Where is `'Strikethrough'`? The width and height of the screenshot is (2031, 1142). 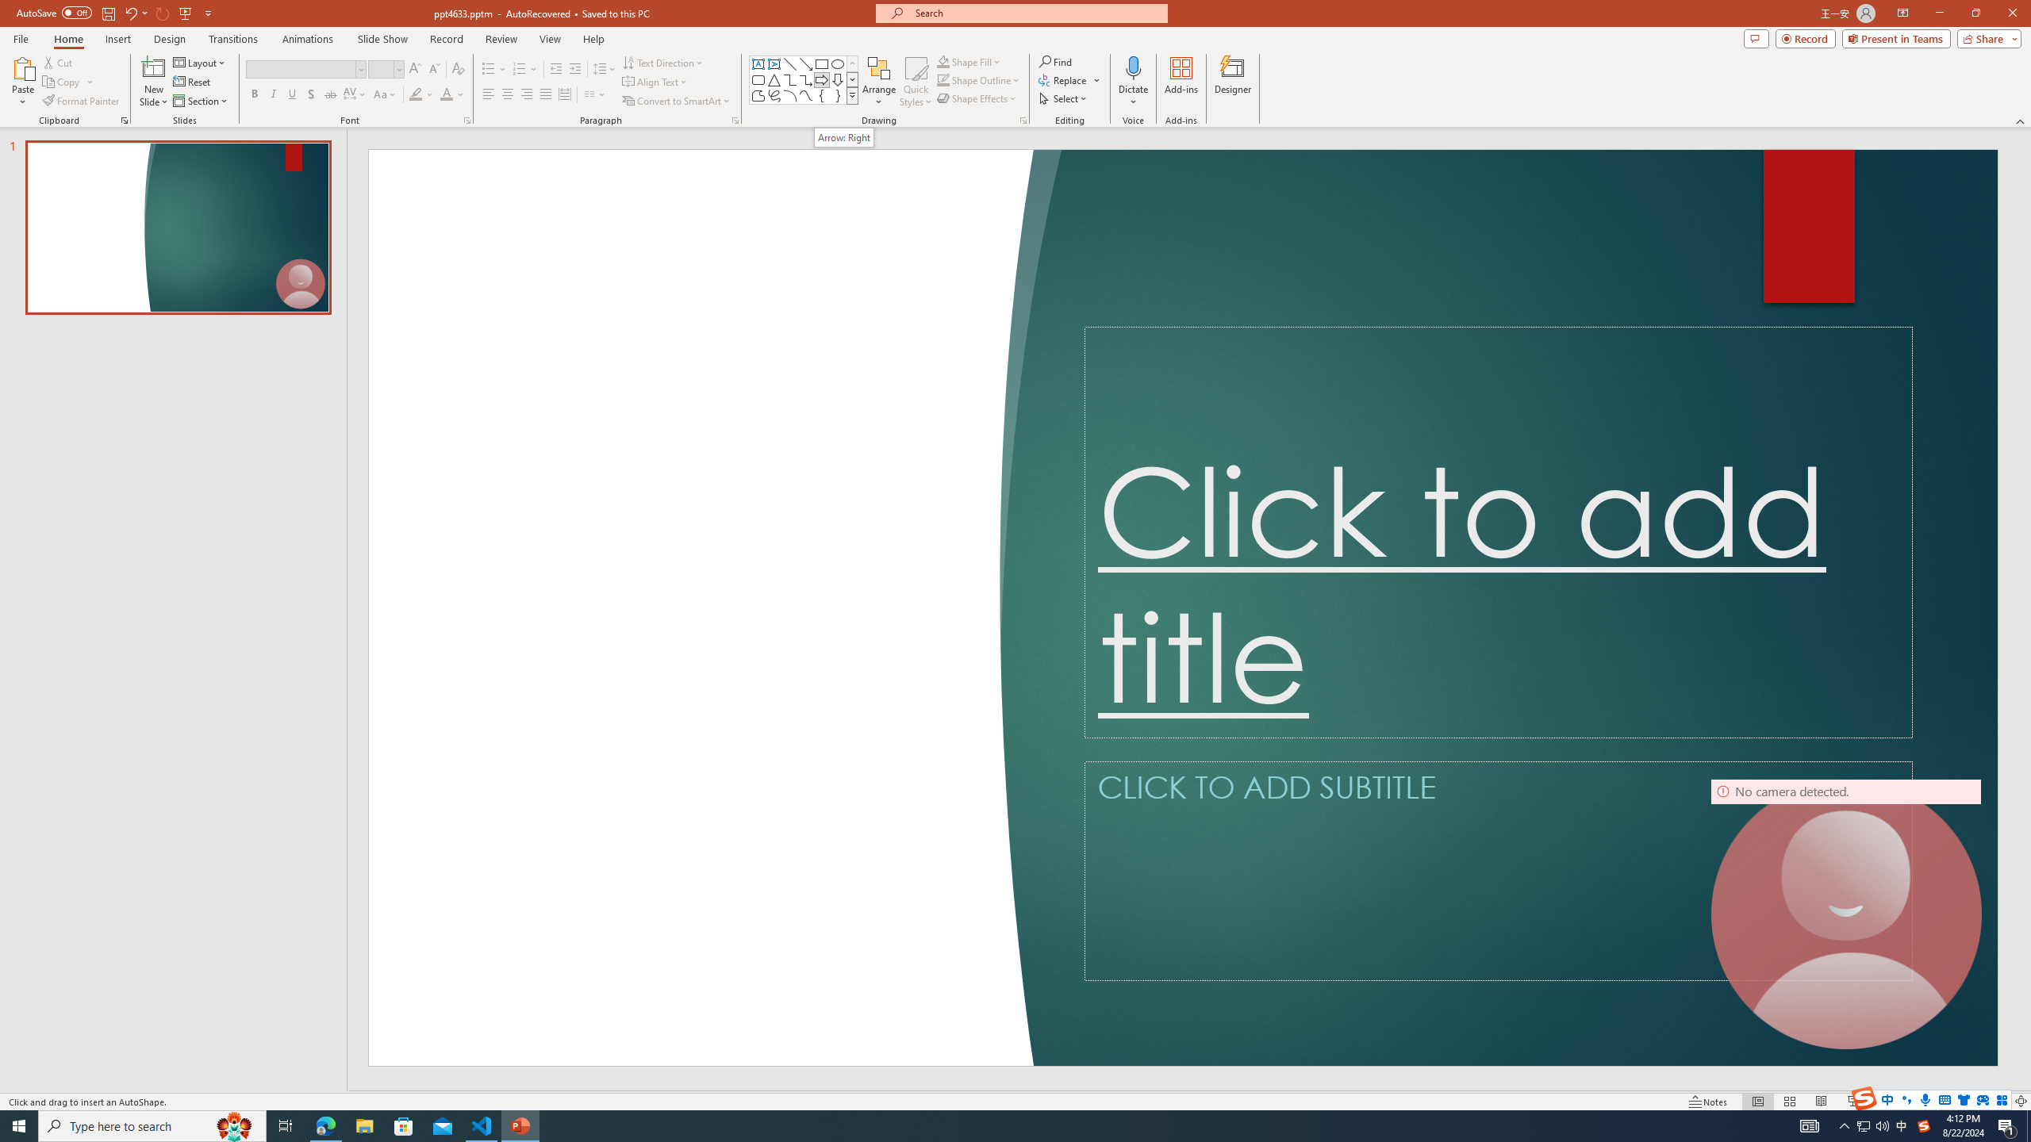 'Strikethrough' is located at coordinates (330, 94).